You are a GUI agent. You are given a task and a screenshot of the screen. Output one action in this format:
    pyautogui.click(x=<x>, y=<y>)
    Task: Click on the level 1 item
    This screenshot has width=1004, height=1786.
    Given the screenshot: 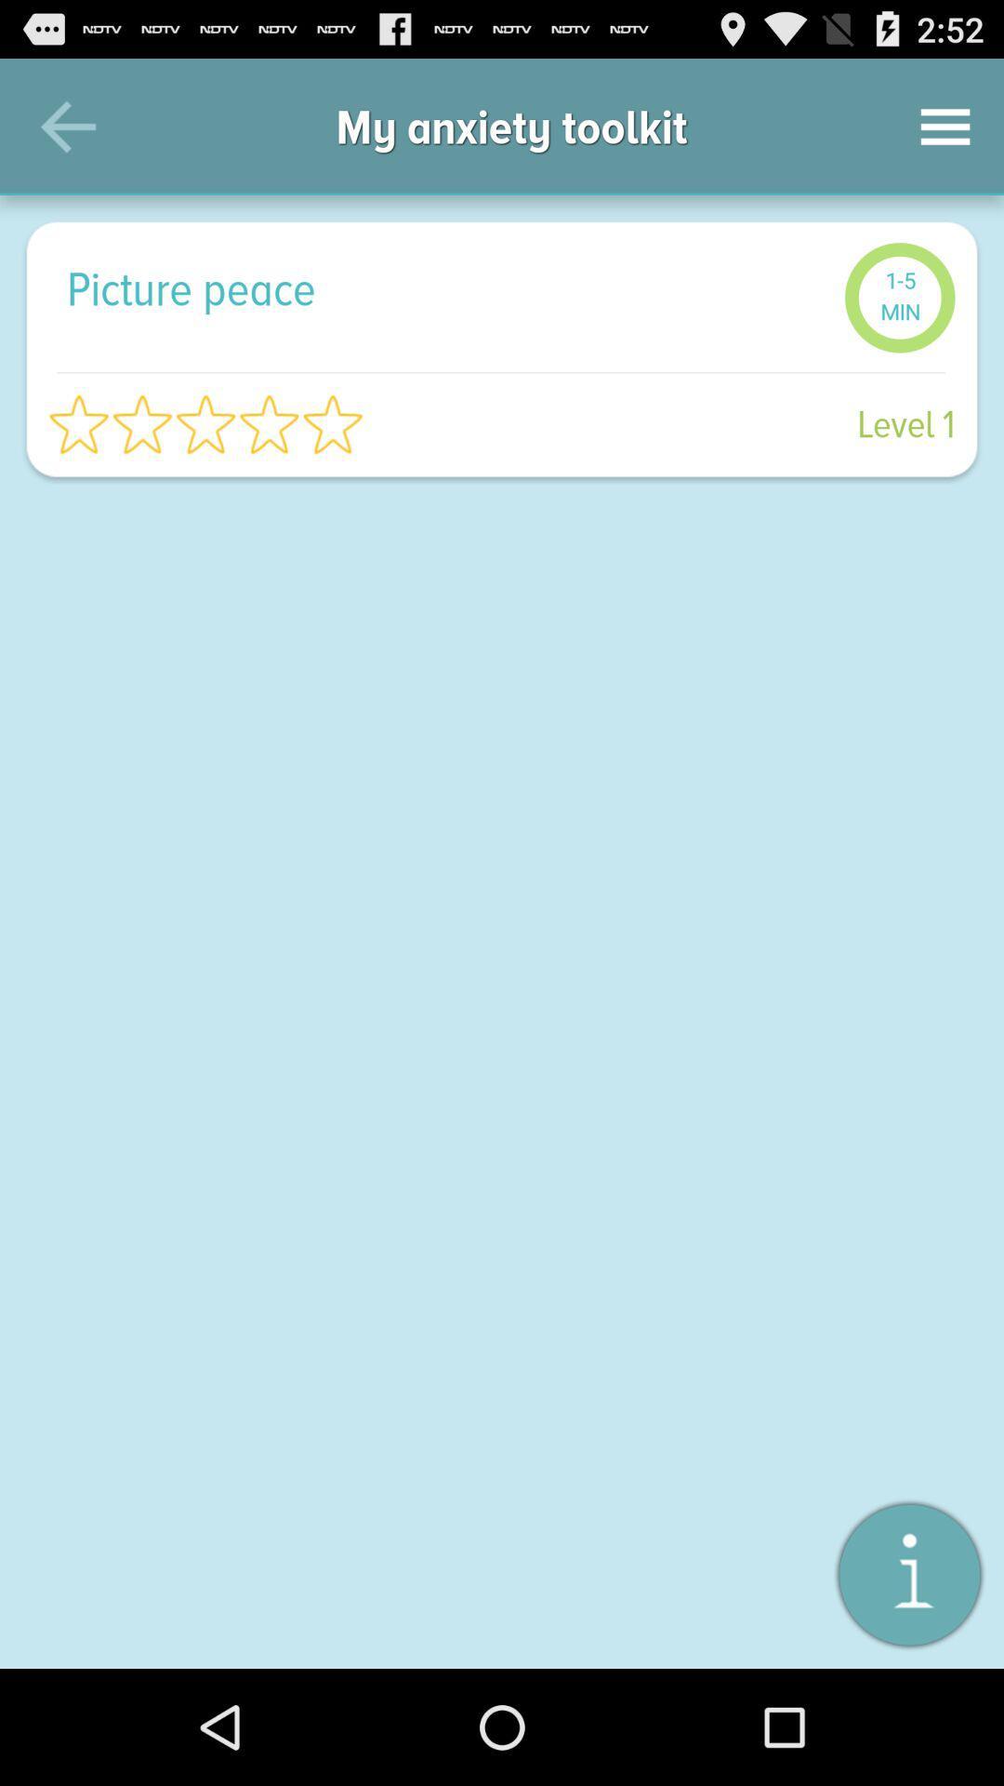 What is the action you would take?
    pyautogui.click(x=669, y=423)
    